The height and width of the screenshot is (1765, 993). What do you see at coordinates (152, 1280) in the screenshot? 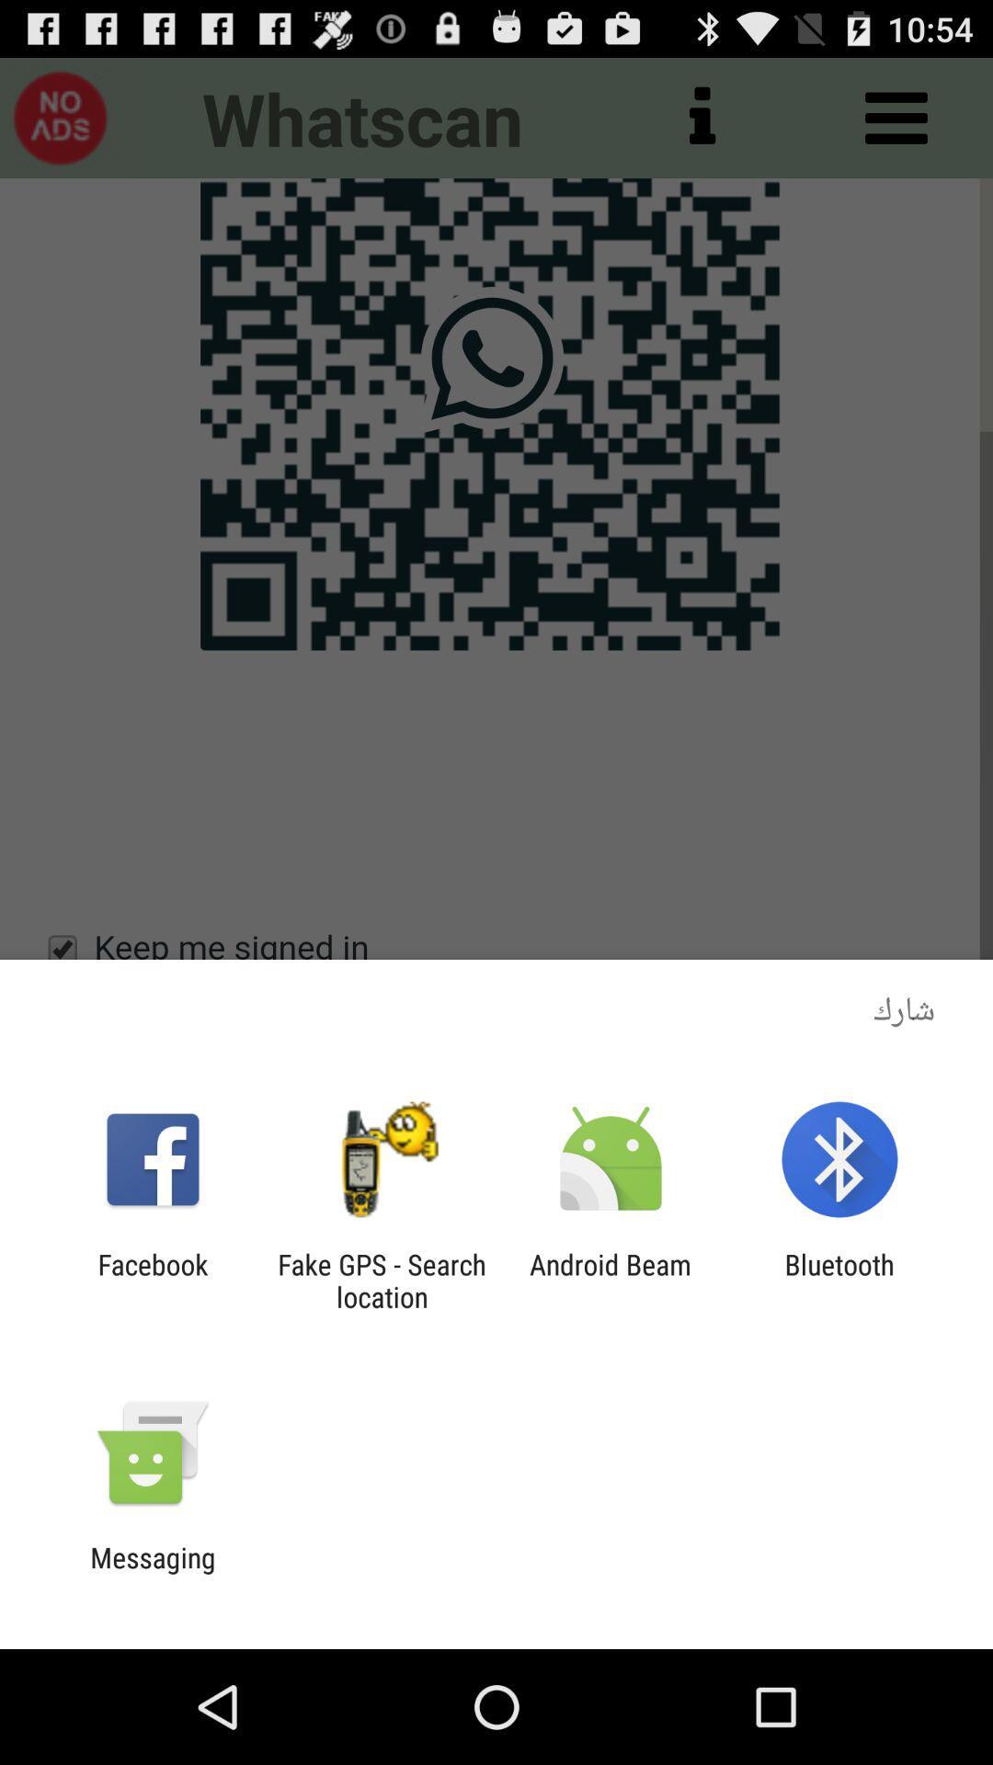
I see `the item to the left of the fake gps search item` at bounding box center [152, 1280].